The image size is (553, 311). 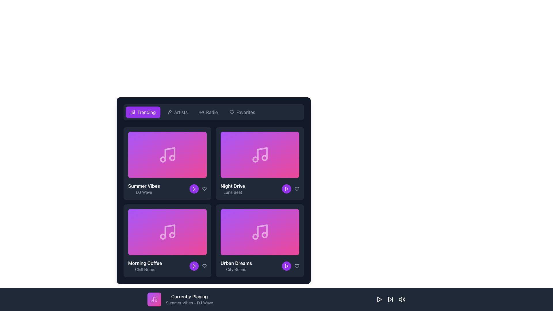 I want to click on the leftmost navigation button, so click(x=143, y=112).